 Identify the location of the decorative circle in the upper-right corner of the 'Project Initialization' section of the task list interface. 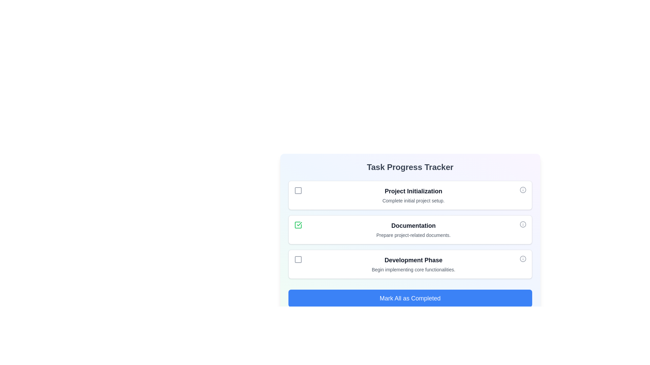
(522, 190).